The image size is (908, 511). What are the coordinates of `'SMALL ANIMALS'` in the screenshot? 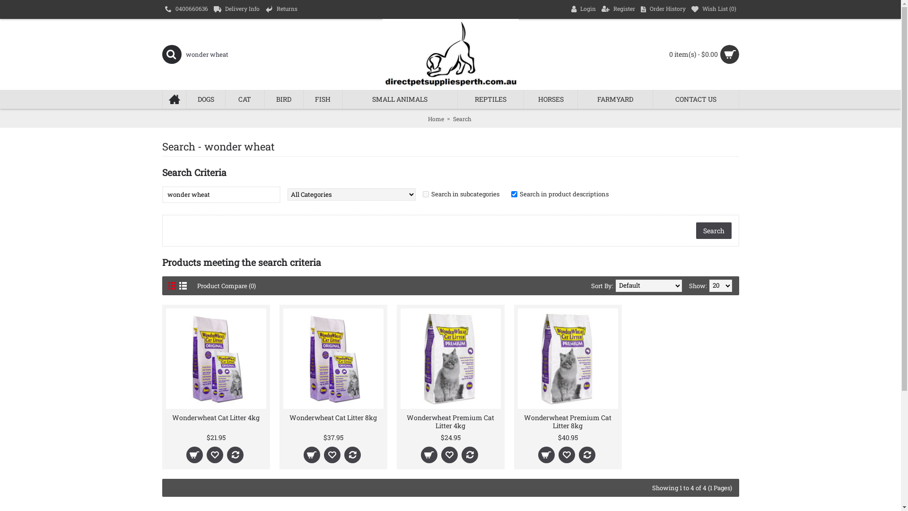 It's located at (400, 99).